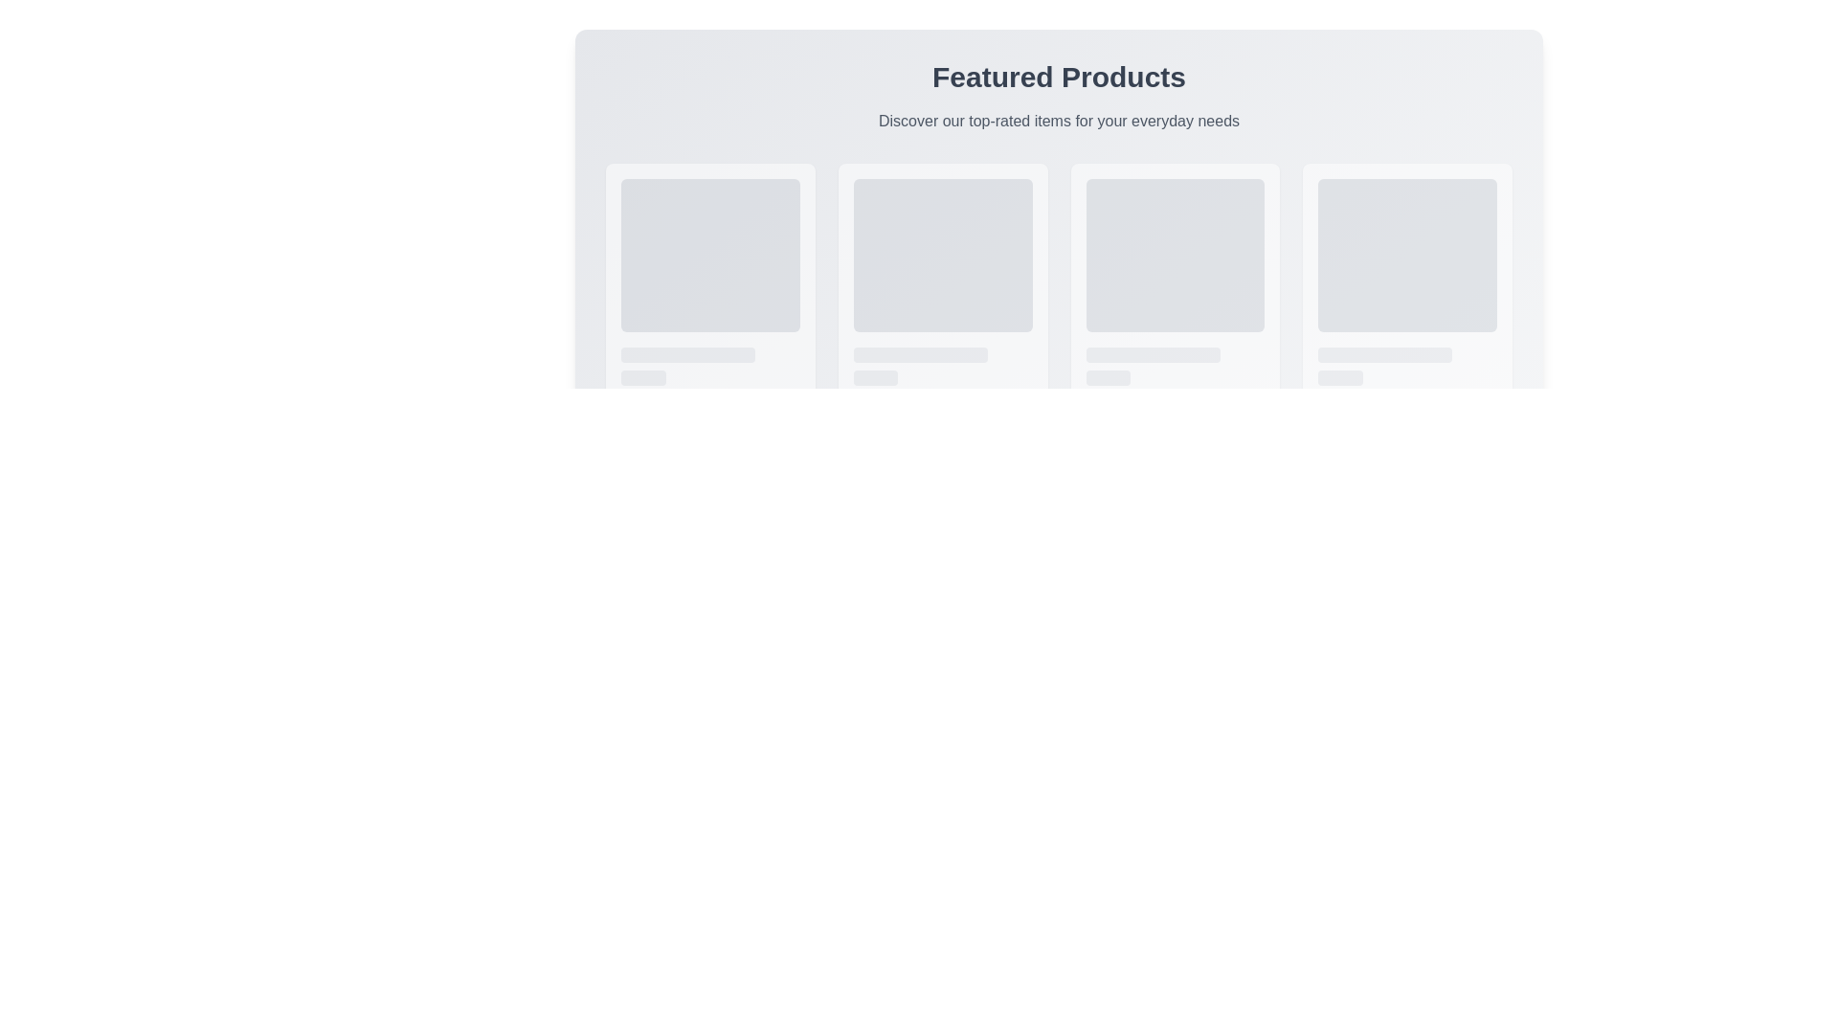  I want to click on the graphical placeholder or decorative element located below a wider sibling bar, situated within a section of graphical elements at the bottom, so click(1339, 377).